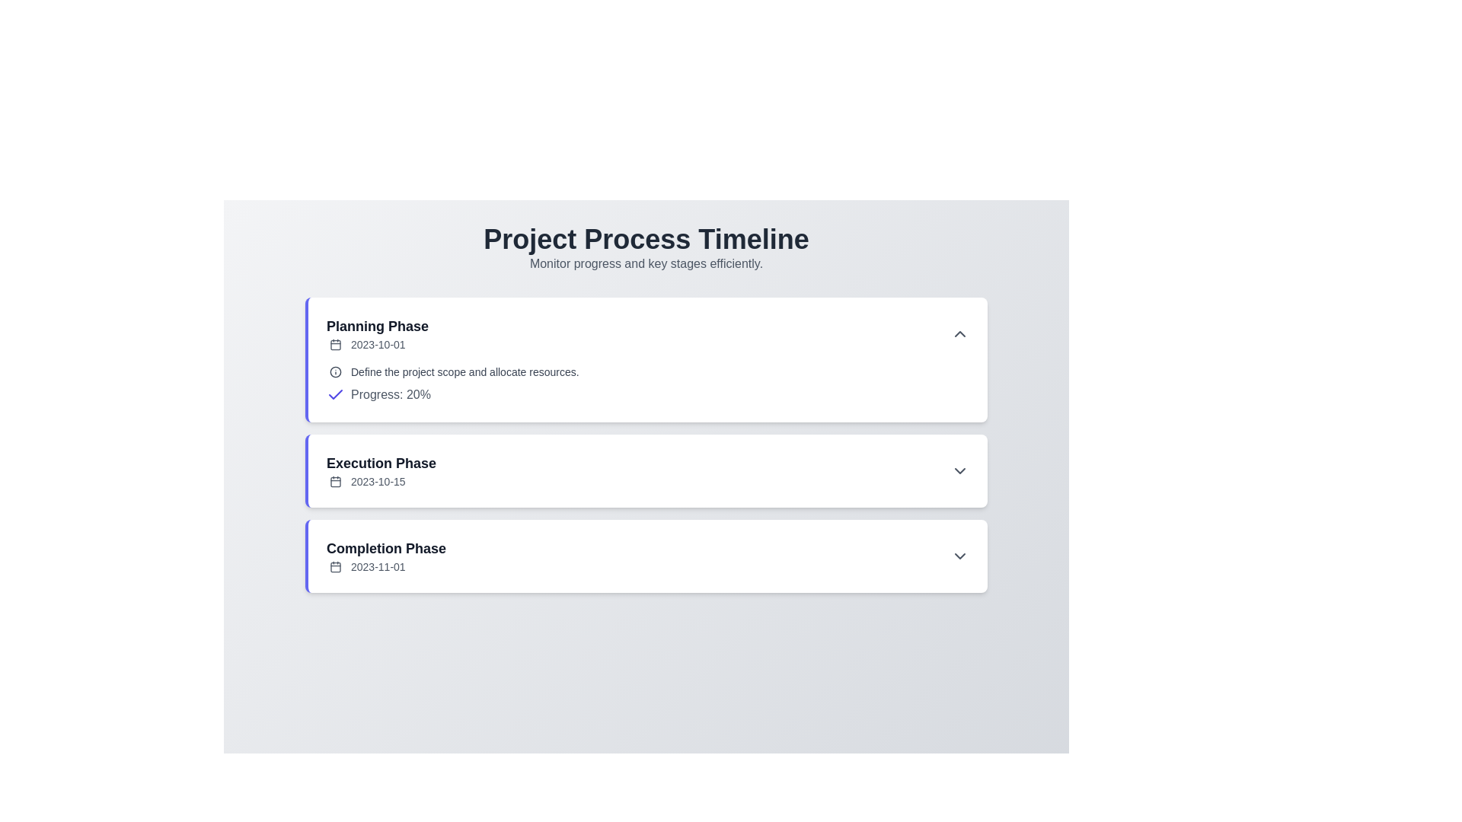 The width and height of the screenshot is (1462, 822). Describe the element at coordinates (646, 556) in the screenshot. I see `the collapsible information box containing 'Completion Phase' and '2023-11-01'` at that location.